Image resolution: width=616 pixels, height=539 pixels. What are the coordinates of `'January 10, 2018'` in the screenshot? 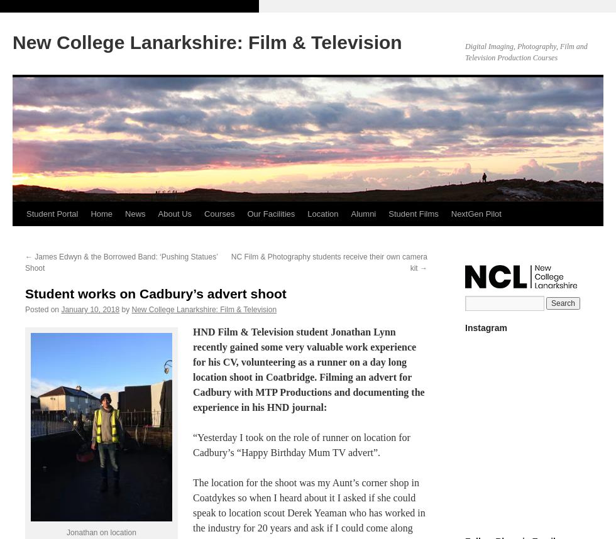 It's located at (61, 309).